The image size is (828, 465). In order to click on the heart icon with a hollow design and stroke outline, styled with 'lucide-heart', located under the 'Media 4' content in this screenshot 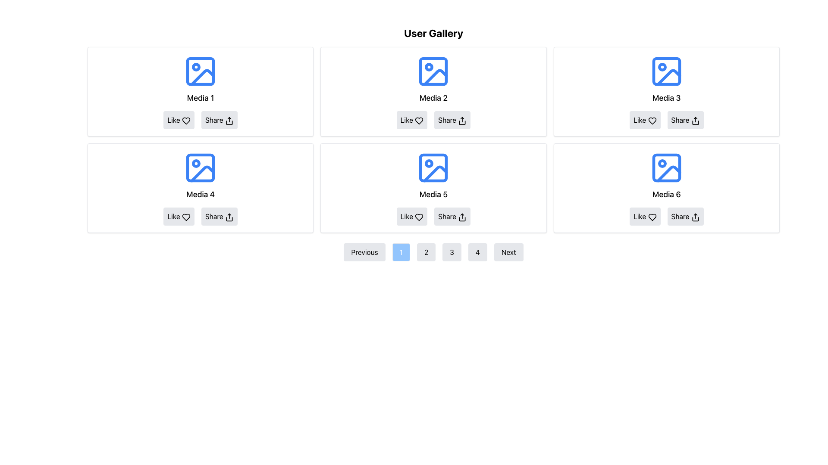, I will do `click(185, 217)`.